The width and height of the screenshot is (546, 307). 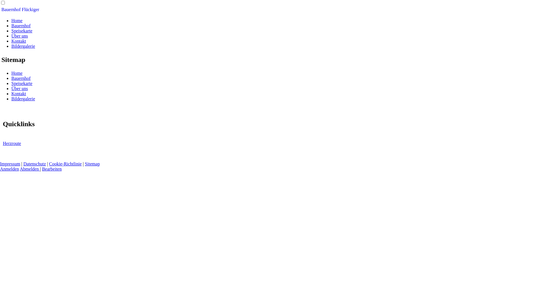 What do you see at coordinates (65, 164) in the screenshot?
I see `'Cookie-Richtlinie'` at bounding box center [65, 164].